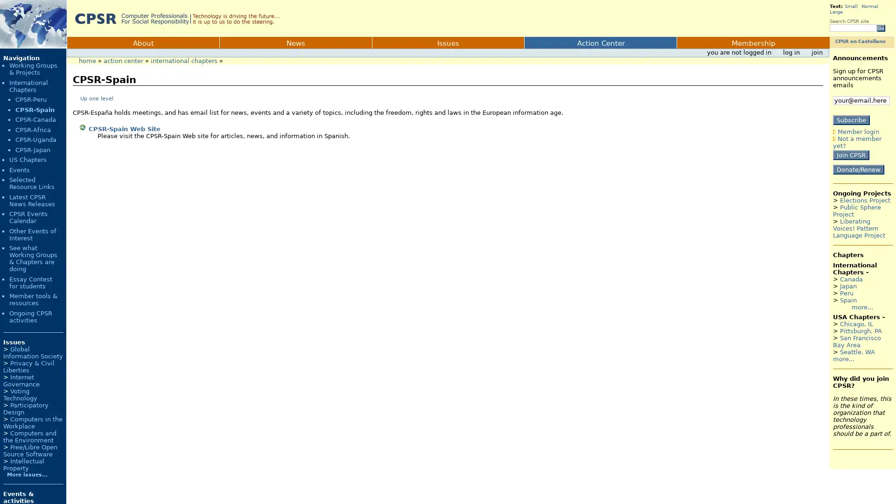 The width and height of the screenshot is (896, 504). I want to click on Join CPSR, so click(851, 154).